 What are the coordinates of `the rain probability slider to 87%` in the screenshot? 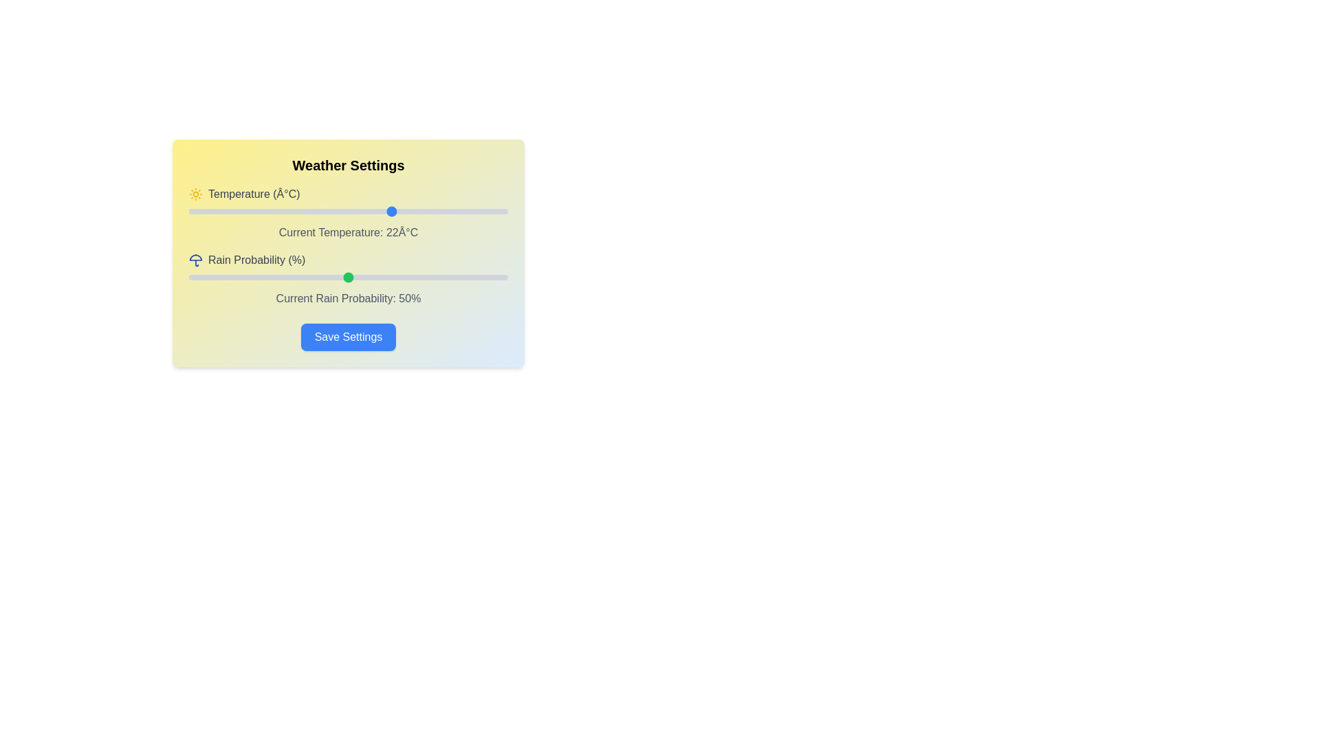 It's located at (466, 278).